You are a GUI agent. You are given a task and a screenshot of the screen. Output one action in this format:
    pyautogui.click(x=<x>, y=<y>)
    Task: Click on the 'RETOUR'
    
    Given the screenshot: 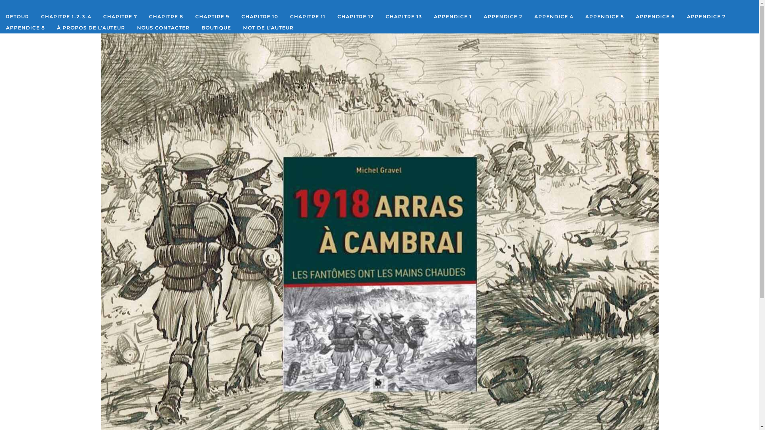 What is the action you would take?
    pyautogui.click(x=17, y=17)
    